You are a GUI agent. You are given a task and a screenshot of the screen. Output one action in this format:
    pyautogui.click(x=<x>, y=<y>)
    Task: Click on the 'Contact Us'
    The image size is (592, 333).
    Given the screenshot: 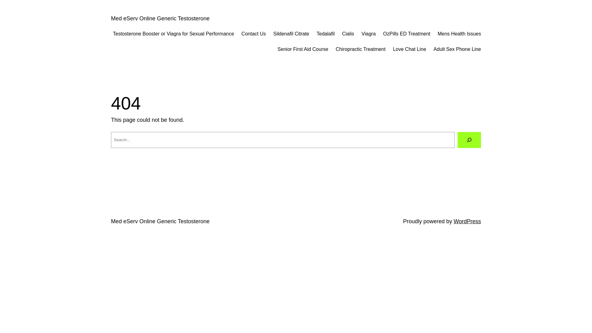 What is the action you would take?
    pyautogui.click(x=253, y=34)
    